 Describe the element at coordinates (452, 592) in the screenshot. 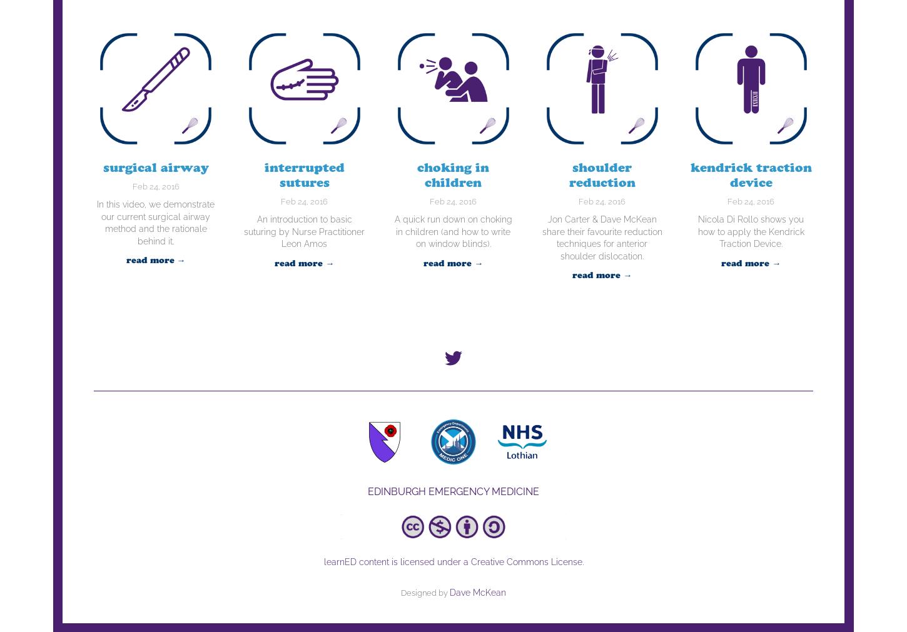

I see `'D'` at that location.